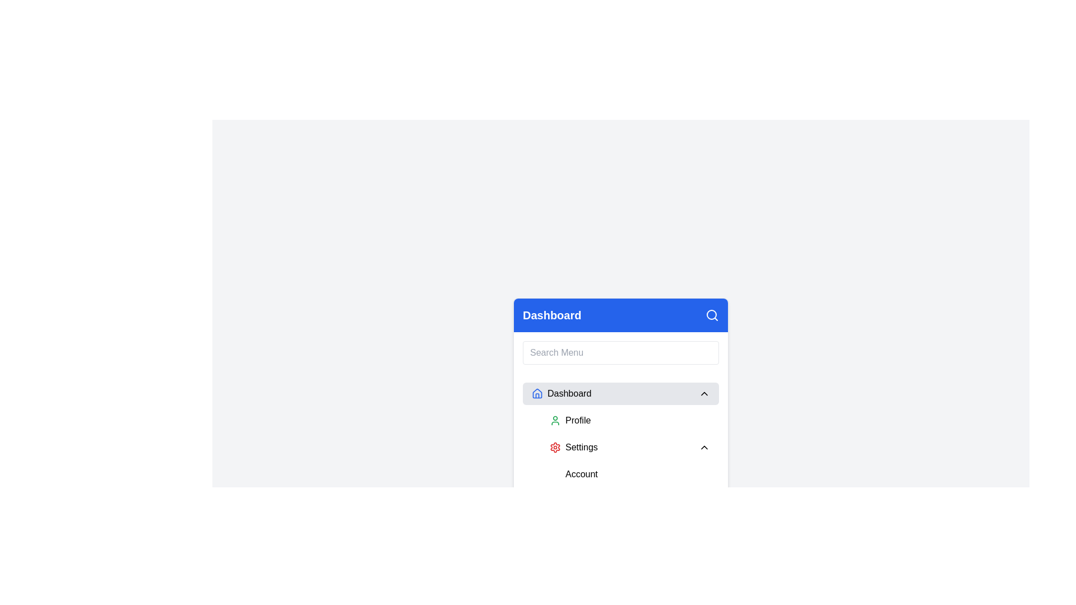  Describe the element at coordinates (704, 446) in the screenshot. I see `the chevron icon next to the 'Settings' label to visualize any interactive feedback` at that location.